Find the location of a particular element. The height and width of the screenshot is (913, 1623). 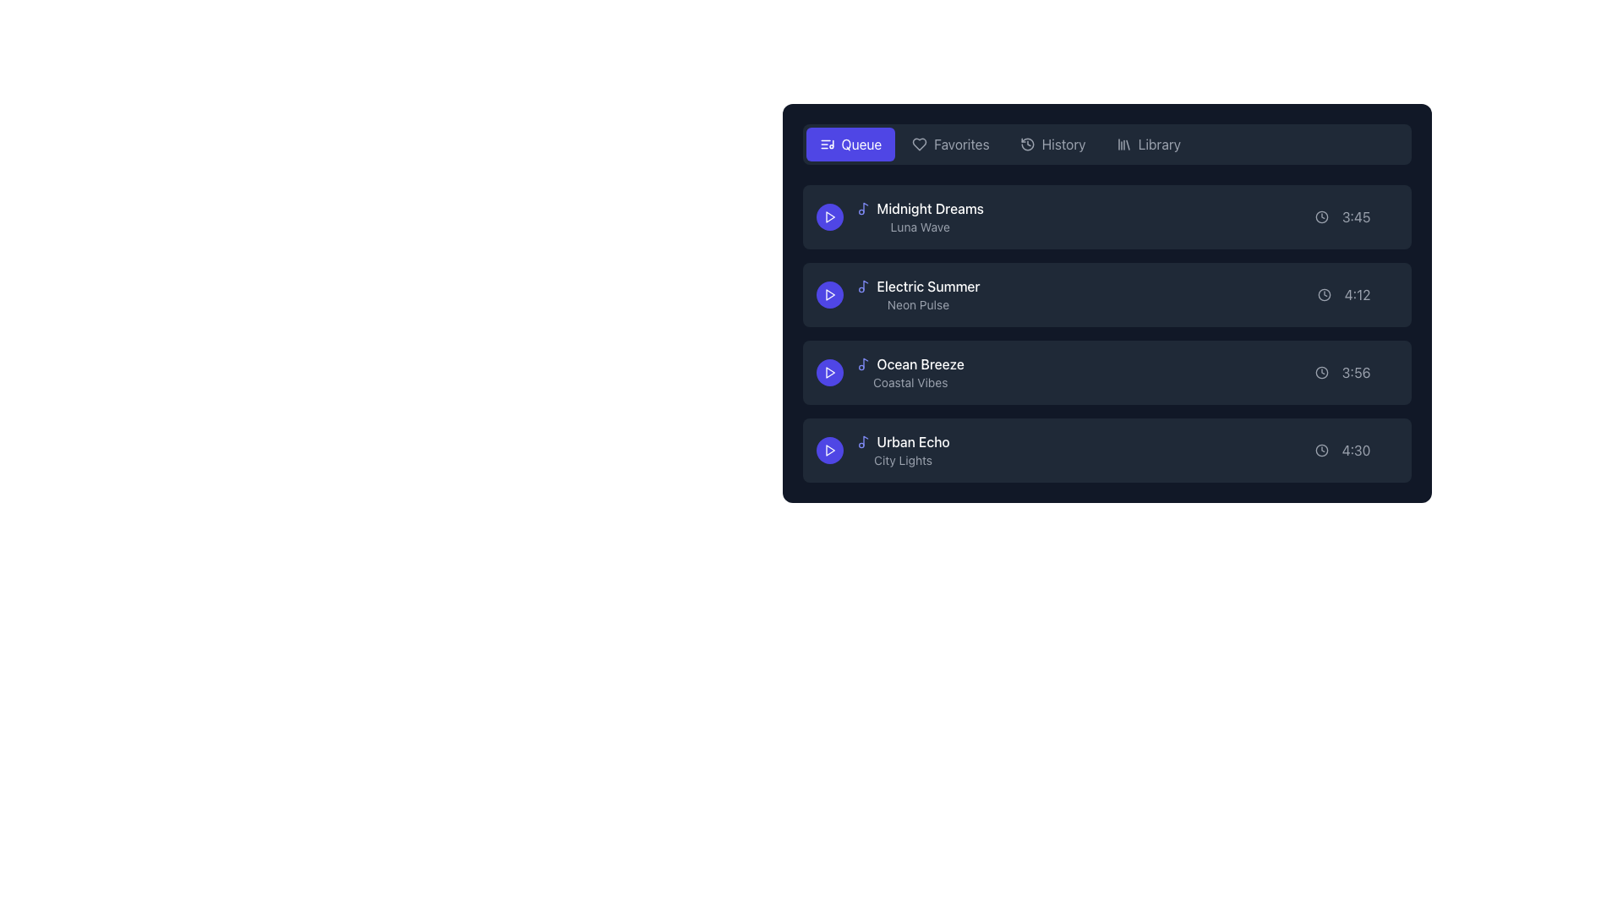

the 'Library' text label in the navigation menu is located at coordinates (1158, 143).